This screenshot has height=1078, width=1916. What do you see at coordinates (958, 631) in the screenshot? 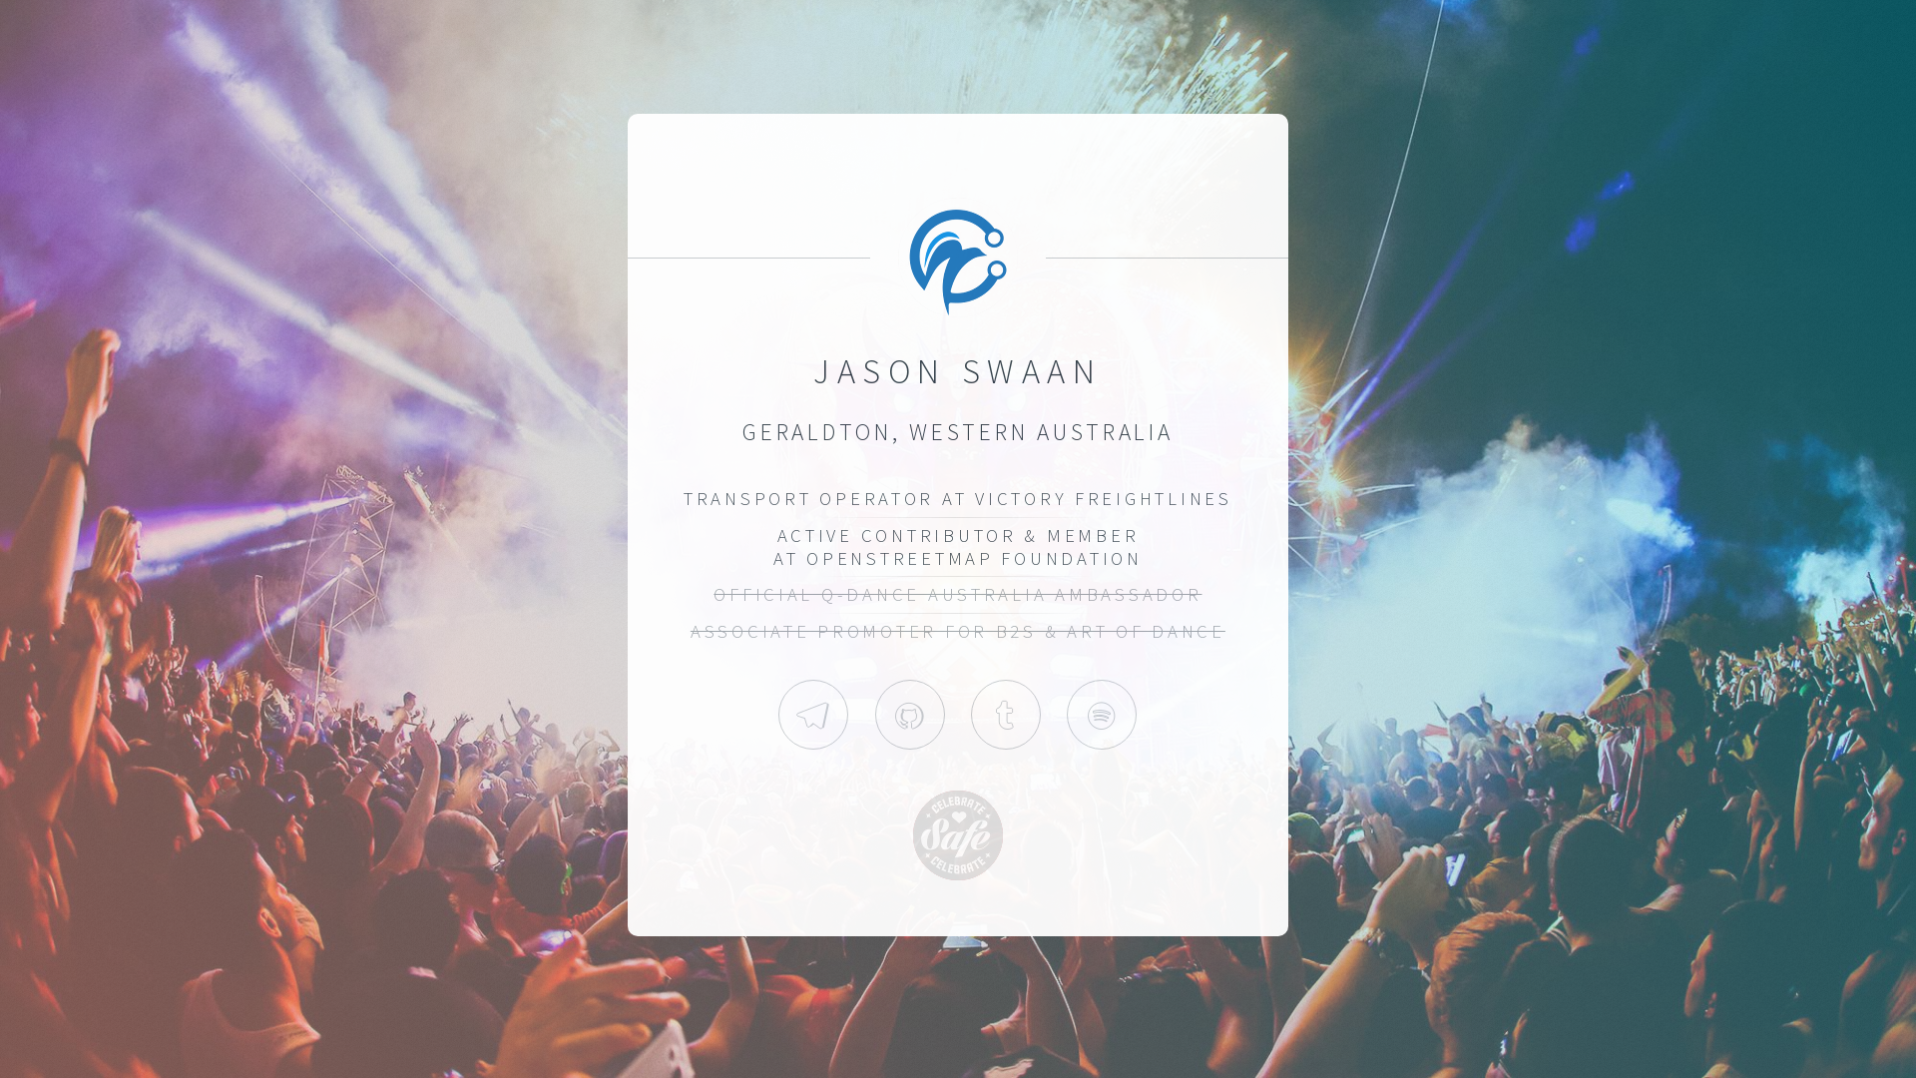
I see `'ASSOCIATE PROMOTER FOR B2S & ART OF DANCE'` at bounding box center [958, 631].